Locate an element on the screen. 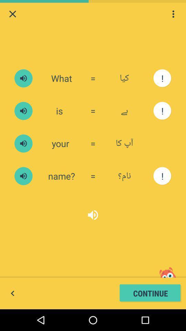  pronounce word audio is located at coordinates (23, 78).